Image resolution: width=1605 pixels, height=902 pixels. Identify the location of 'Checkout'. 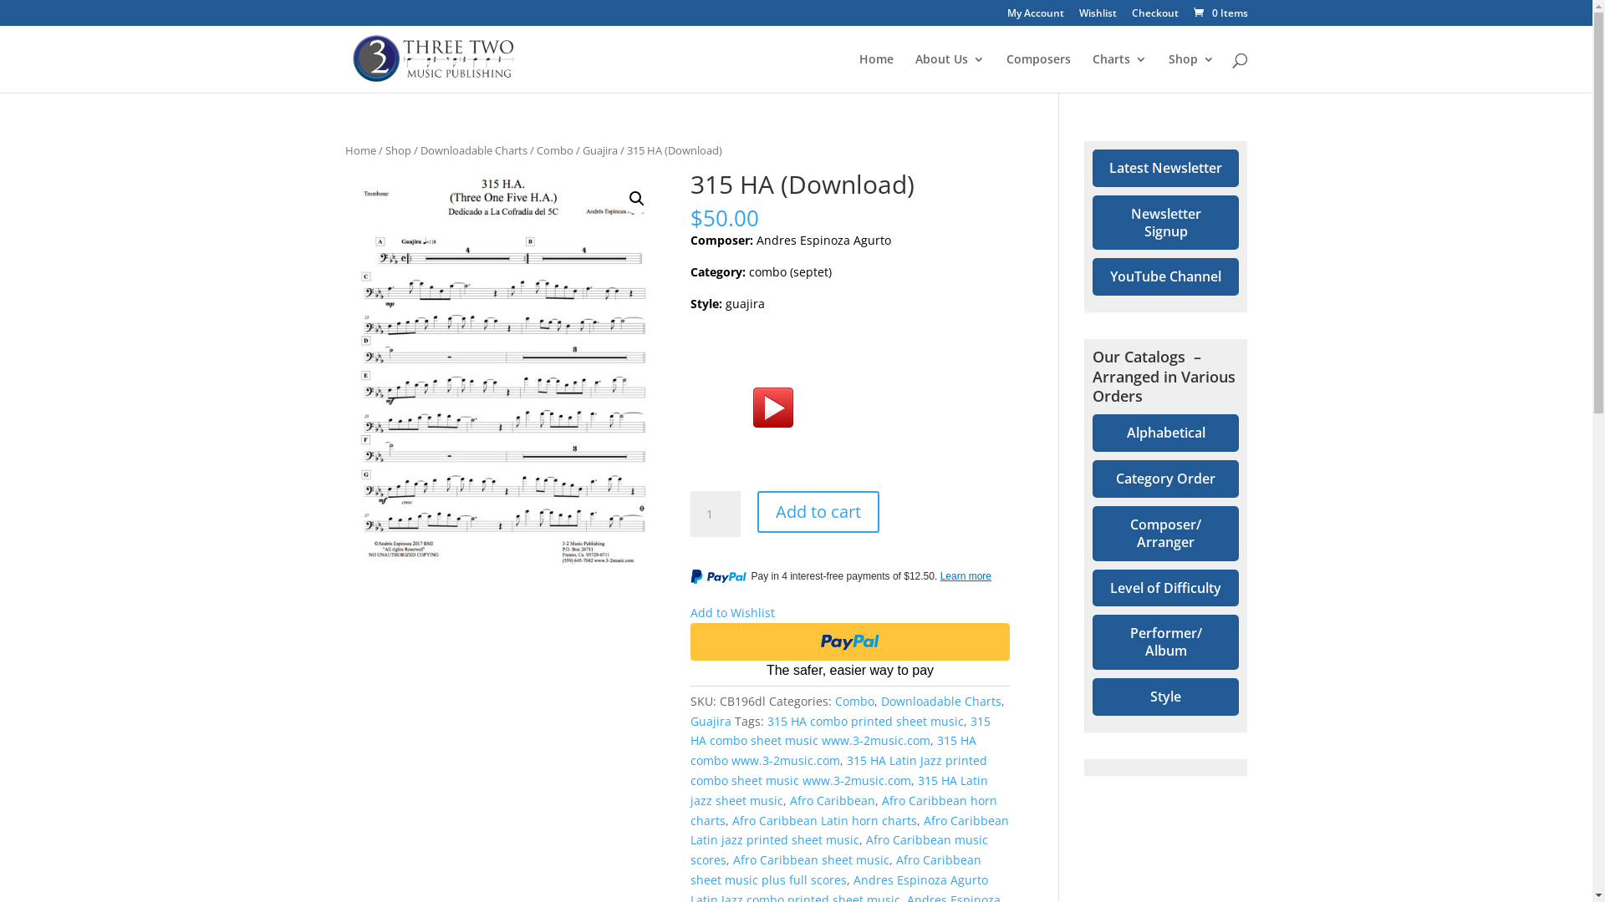
(1154, 17).